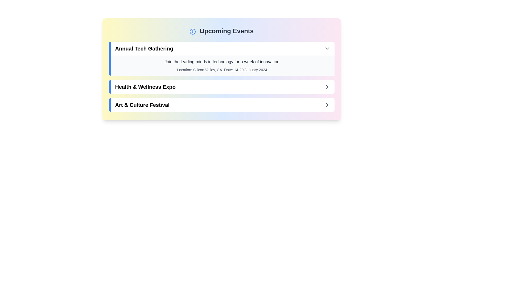 Image resolution: width=511 pixels, height=287 pixels. I want to click on the IconButton, which is a small, right-pointing chevron arrow with a thin black outline and white fill, located to the right of the 'Art & Culture Festival' text block, so click(327, 105).